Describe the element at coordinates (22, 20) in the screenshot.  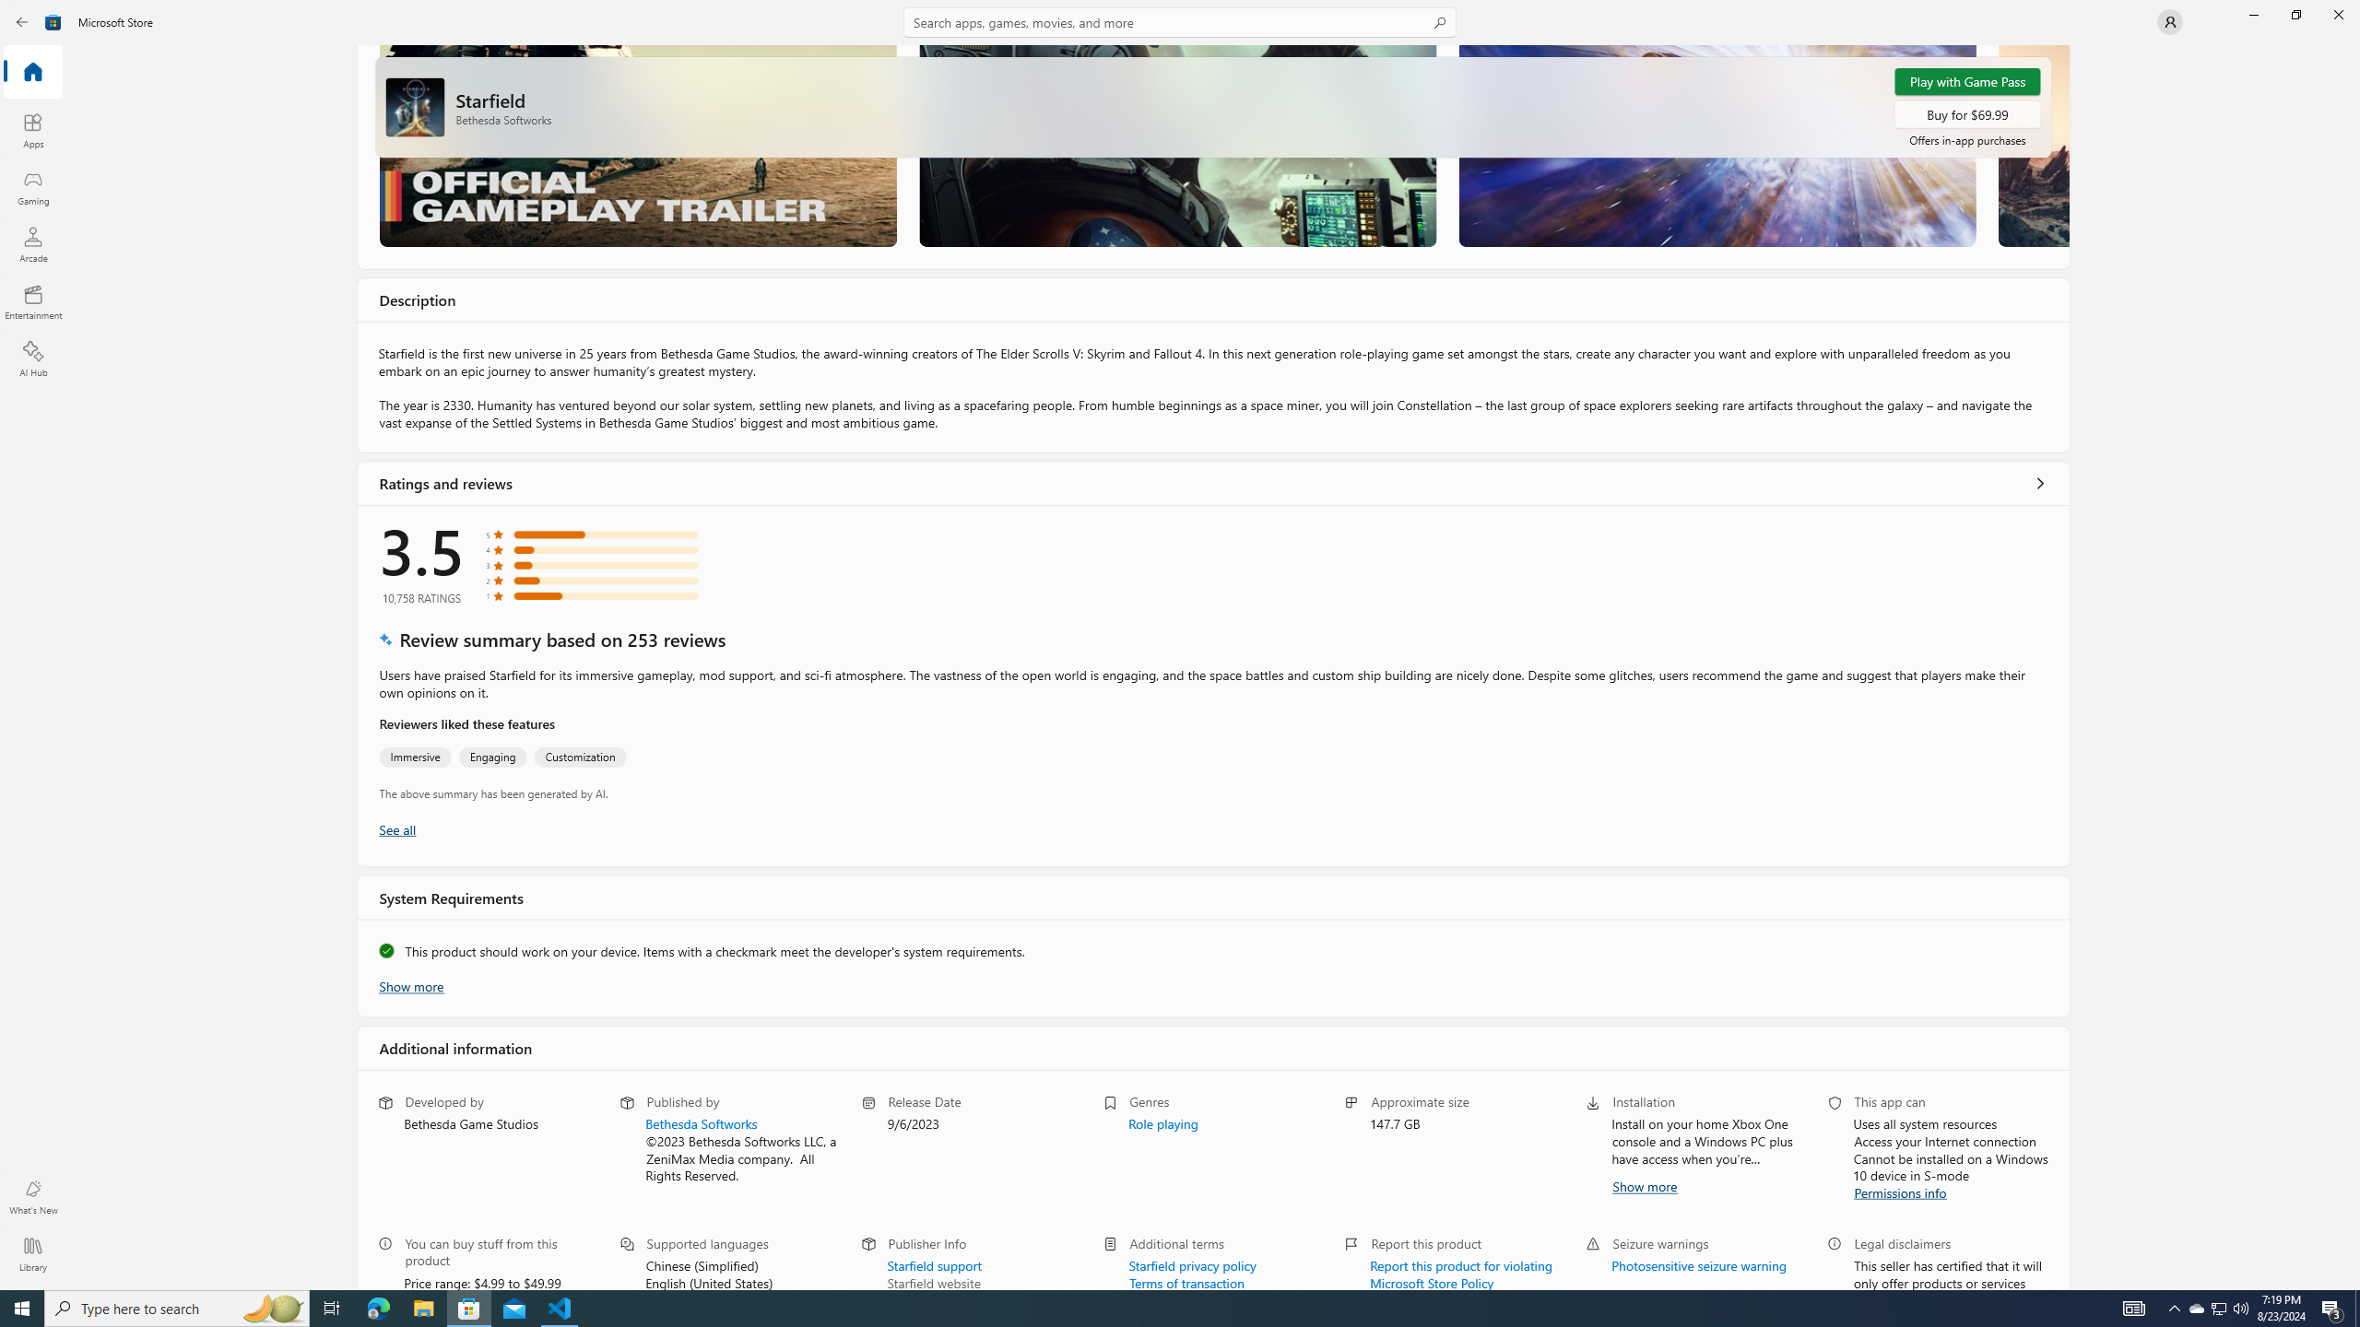
I see `'Back'` at that location.